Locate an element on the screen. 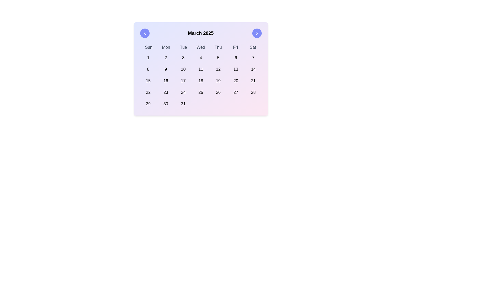 The width and height of the screenshot is (503, 283). the button representing the date '8' is located at coordinates (148, 69).